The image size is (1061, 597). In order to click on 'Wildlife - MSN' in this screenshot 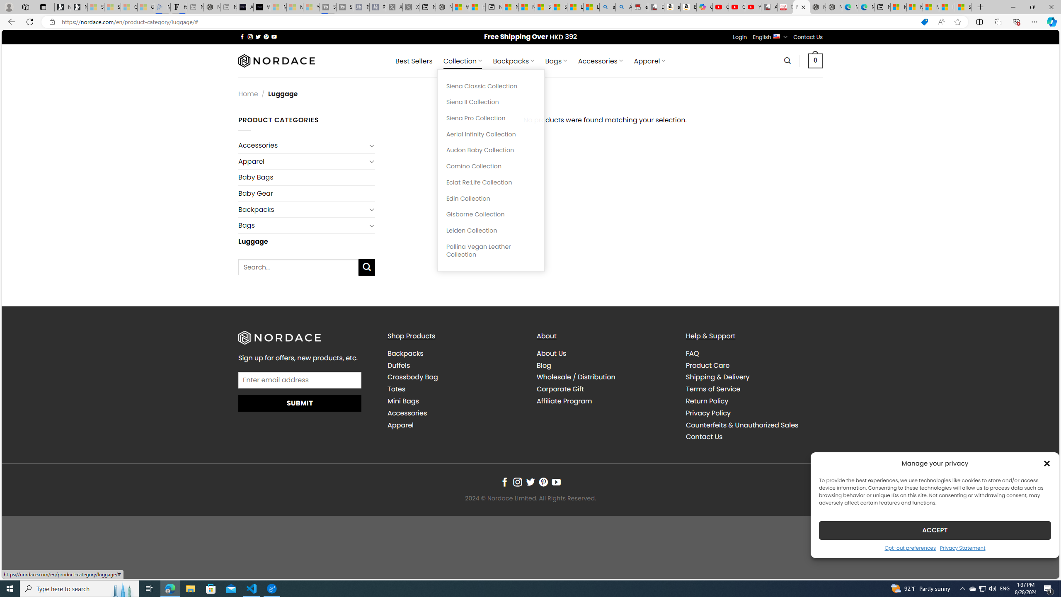, I will do `click(460, 7)`.